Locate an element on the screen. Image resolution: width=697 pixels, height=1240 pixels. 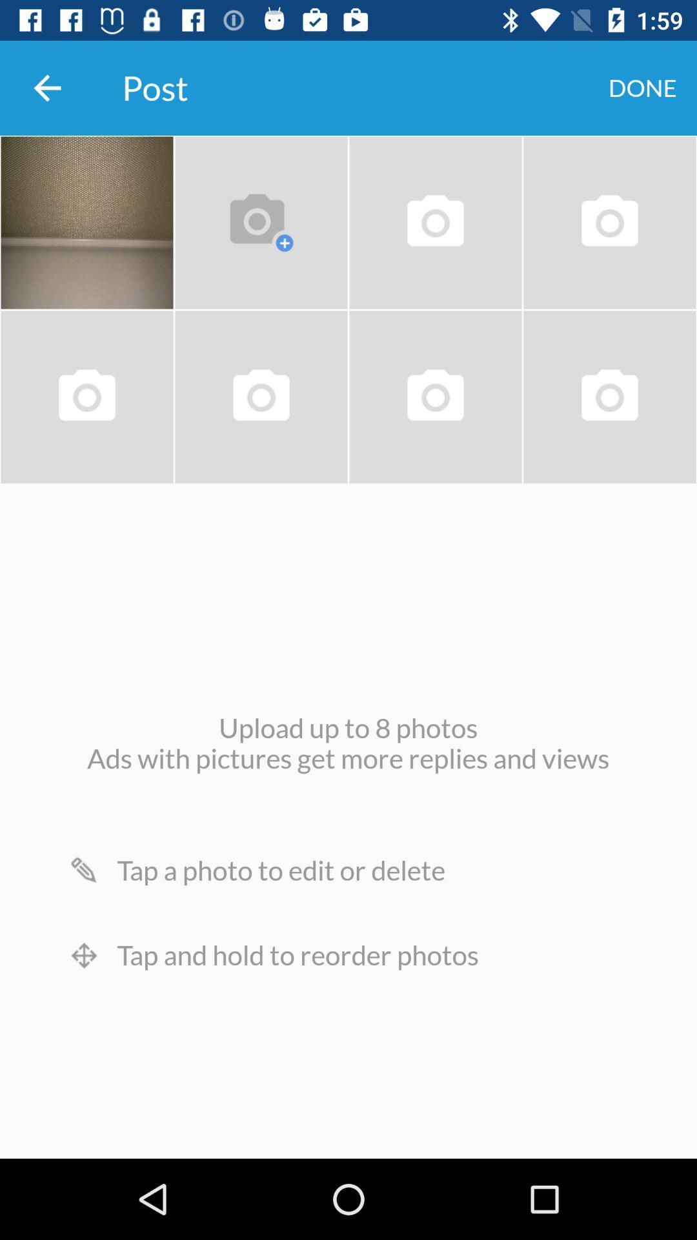
the icon to the left of post icon is located at coordinates (46, 87).